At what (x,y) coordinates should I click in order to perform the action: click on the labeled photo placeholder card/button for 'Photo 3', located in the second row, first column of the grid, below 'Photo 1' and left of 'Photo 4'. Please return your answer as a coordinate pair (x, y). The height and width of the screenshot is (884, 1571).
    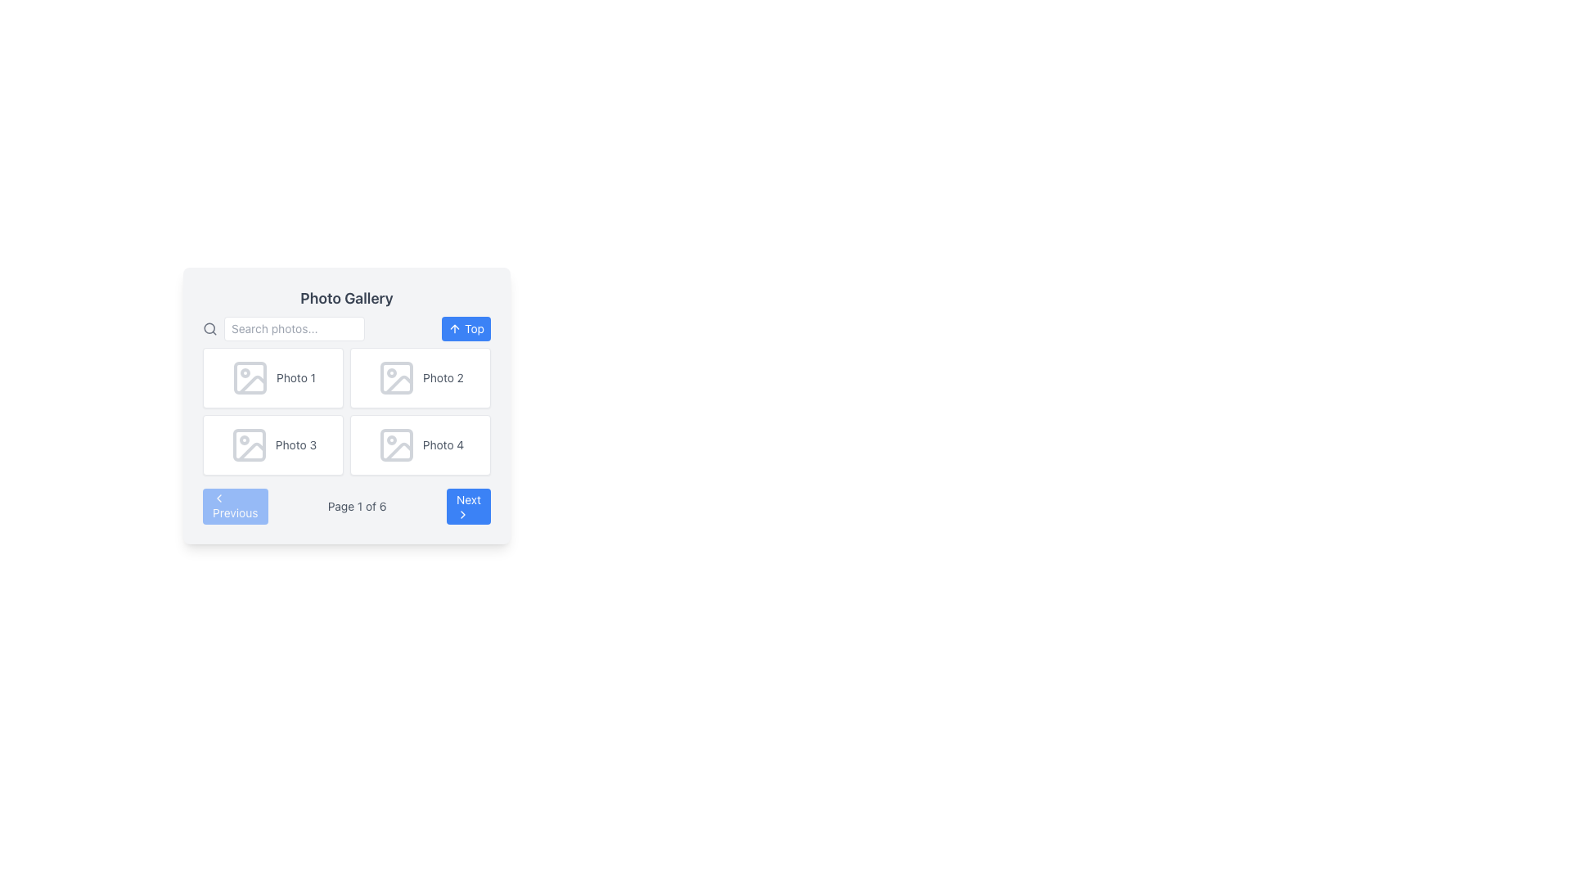
    Looking at the image, I should click on (273, 444).